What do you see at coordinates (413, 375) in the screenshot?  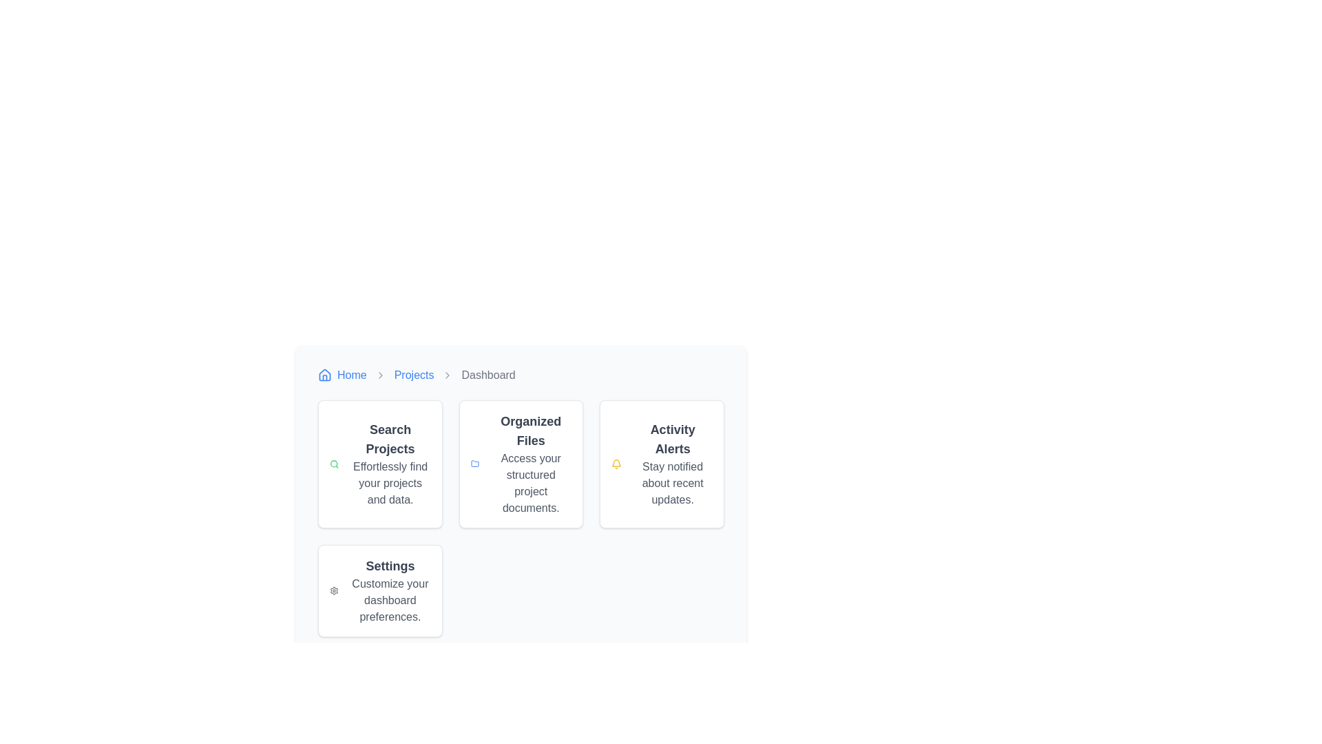 I see `the 'Projects' hyperlink in the breadcrumb navigation` at bounding box center [413, 375].